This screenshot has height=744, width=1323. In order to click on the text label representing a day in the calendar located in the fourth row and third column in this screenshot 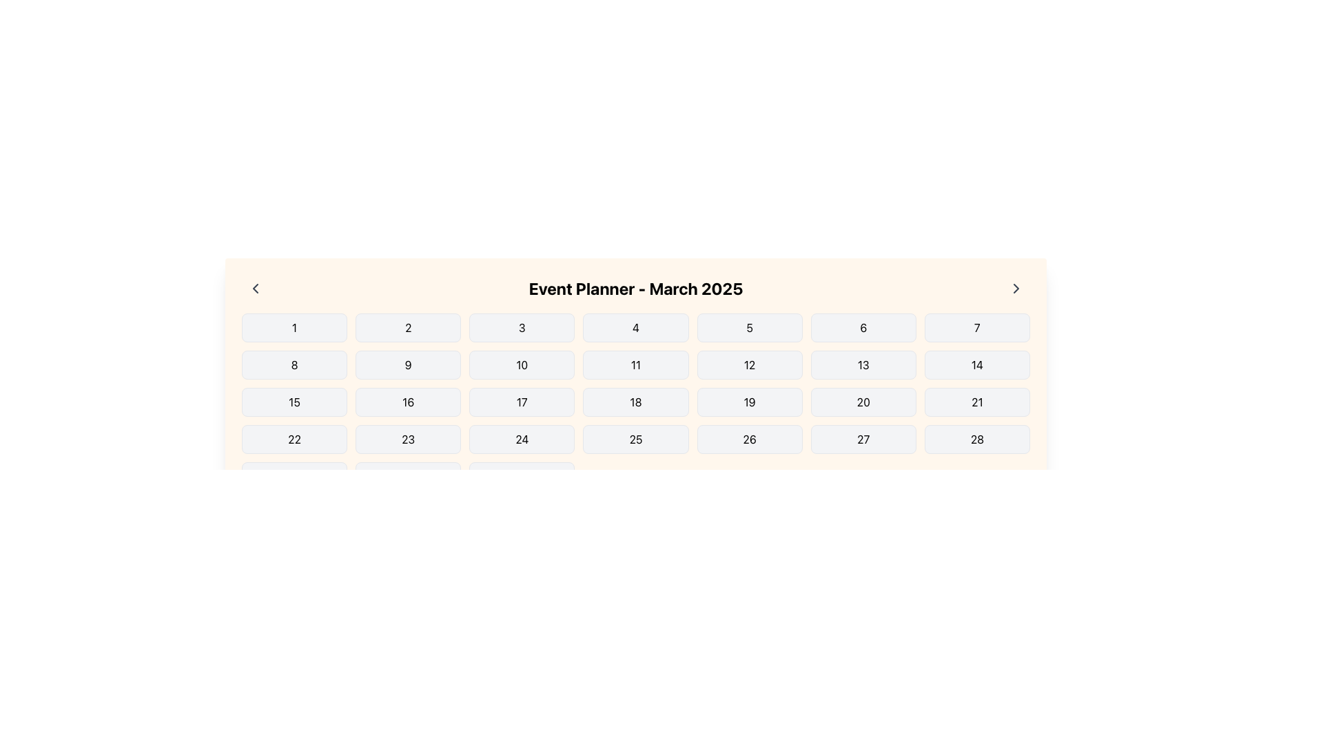, I will do `click(634, 402)`.